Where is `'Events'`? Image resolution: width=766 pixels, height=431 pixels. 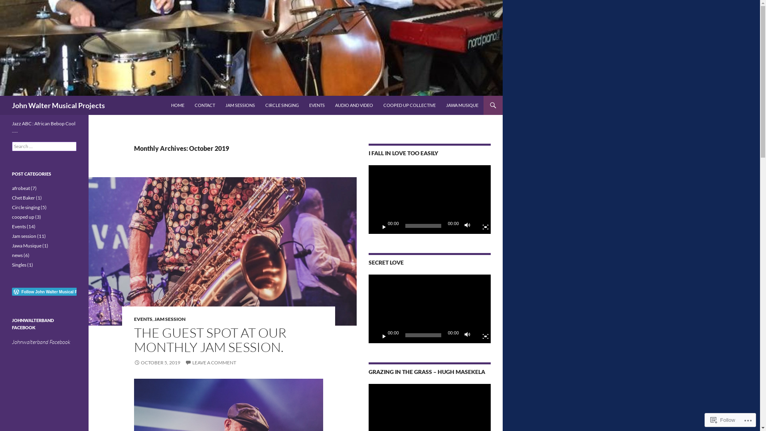 'Events' is located at coordinates (19, 226).